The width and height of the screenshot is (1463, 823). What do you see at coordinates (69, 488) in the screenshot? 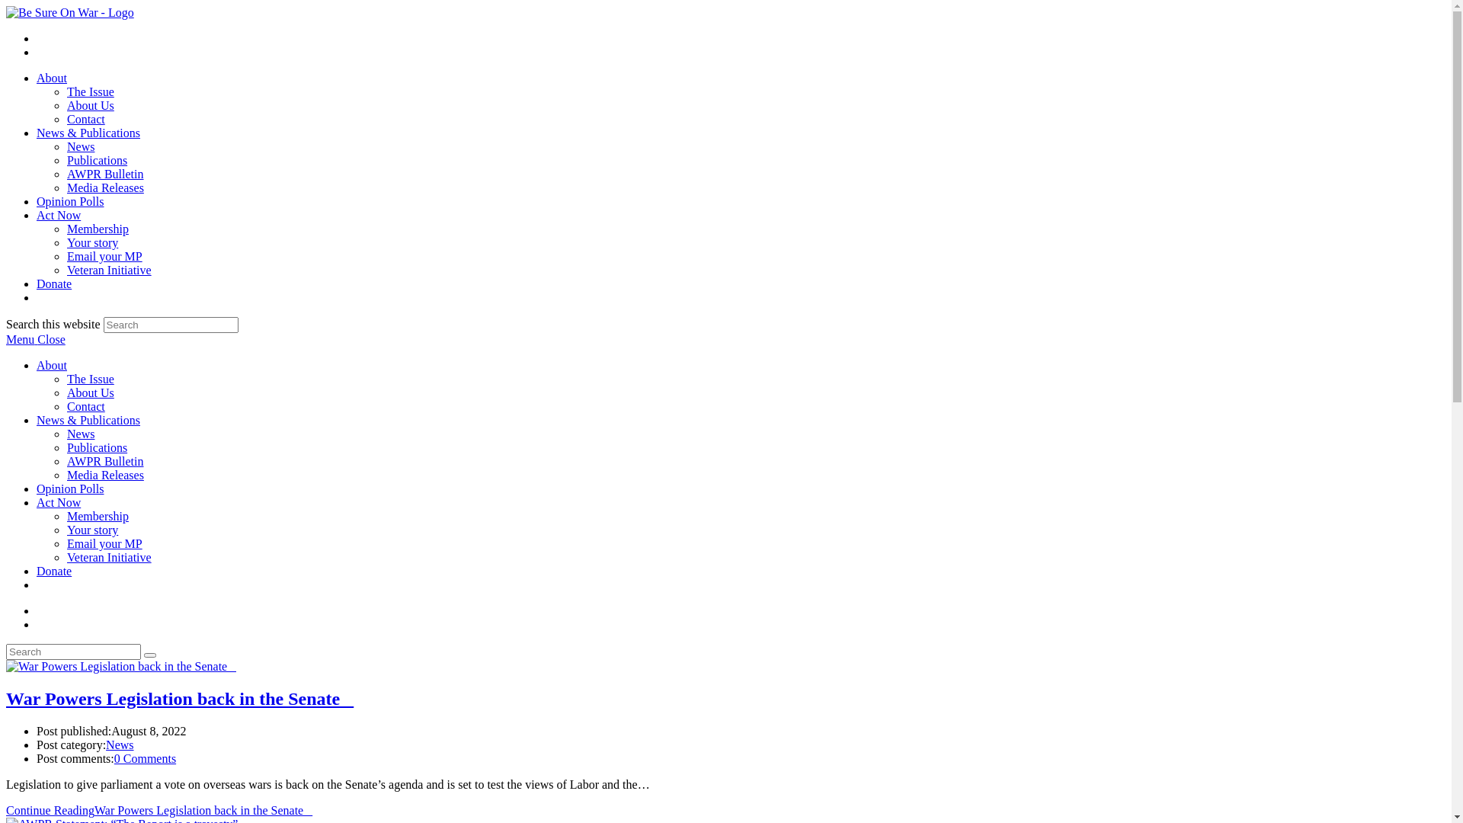
I see `'Opinion Polls'` at bounding box center [69, 488].